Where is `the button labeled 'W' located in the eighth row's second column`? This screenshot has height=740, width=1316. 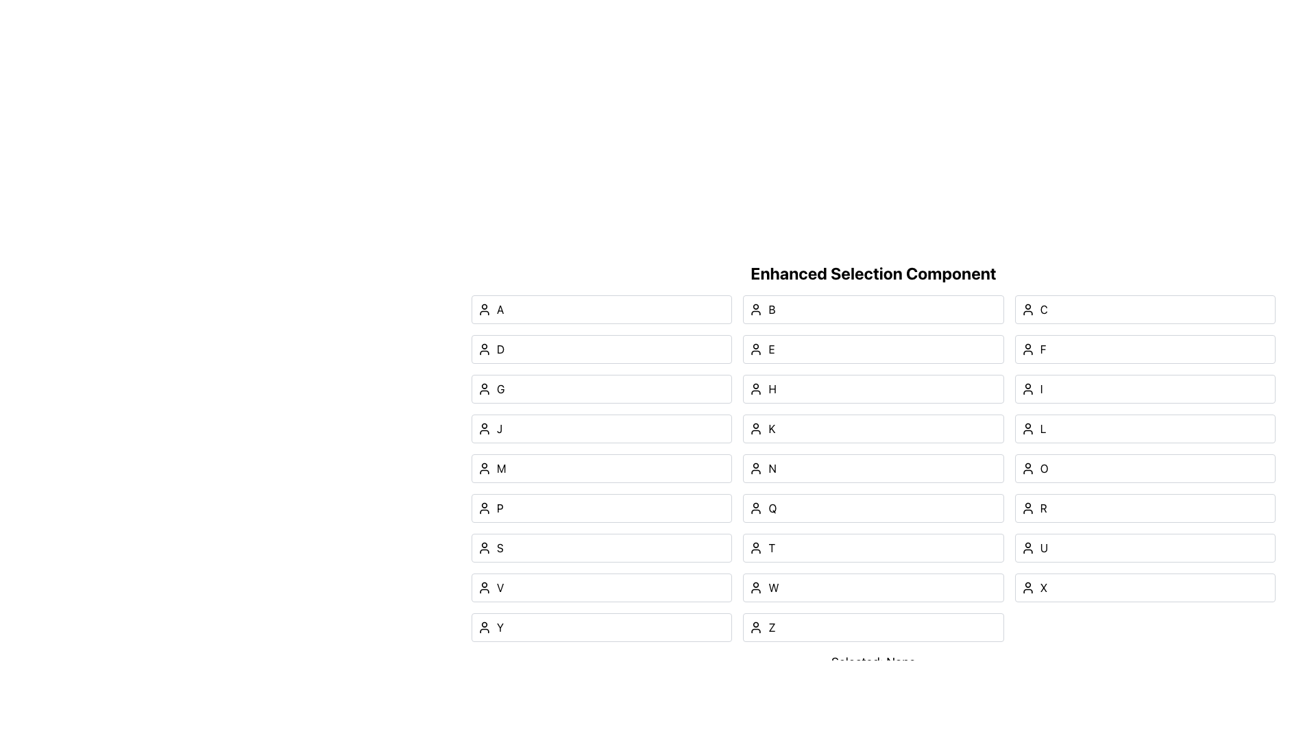 the button labeled 'W' located in the eighth row's second column is located at coordinates (873, 587).